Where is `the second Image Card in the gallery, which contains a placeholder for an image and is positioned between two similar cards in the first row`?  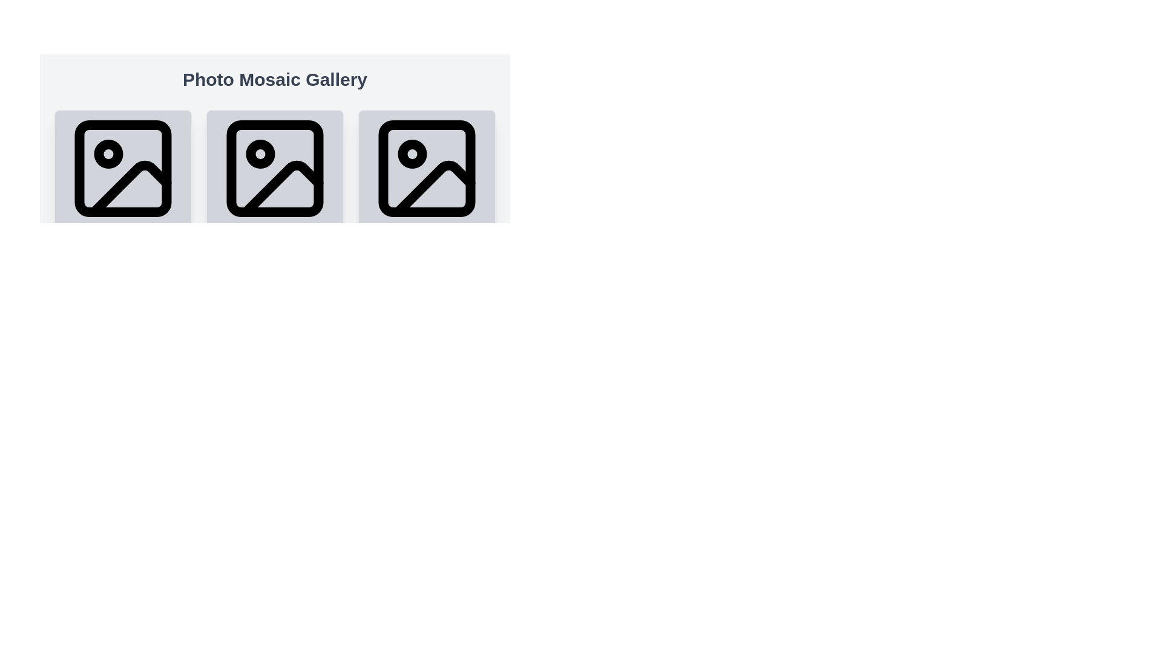 the second Image Card in the gallery, which contains a placeholder for an image and is positioned between two similar cards in the first row is located at coordinates (274, 195).